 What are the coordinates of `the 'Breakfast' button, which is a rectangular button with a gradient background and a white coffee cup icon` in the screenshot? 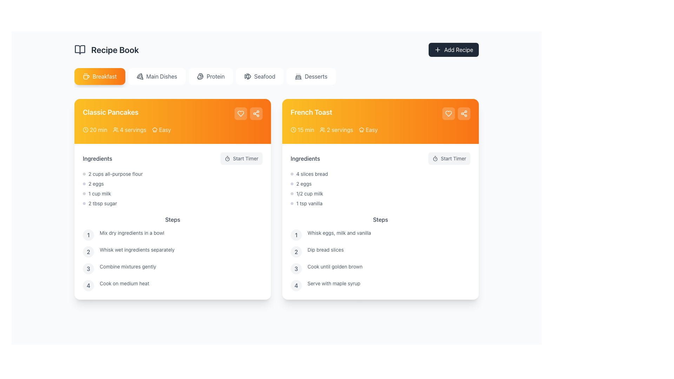 It's located at (99, 77).